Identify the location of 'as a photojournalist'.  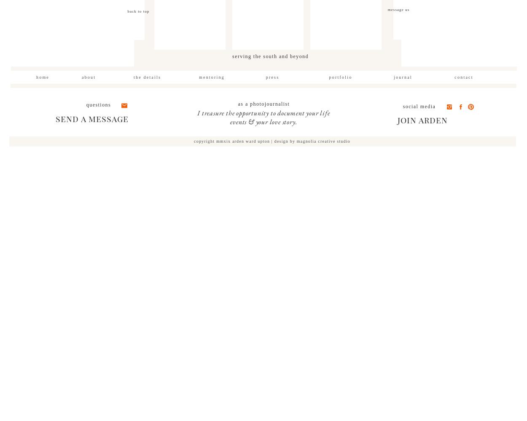
(237, 104).